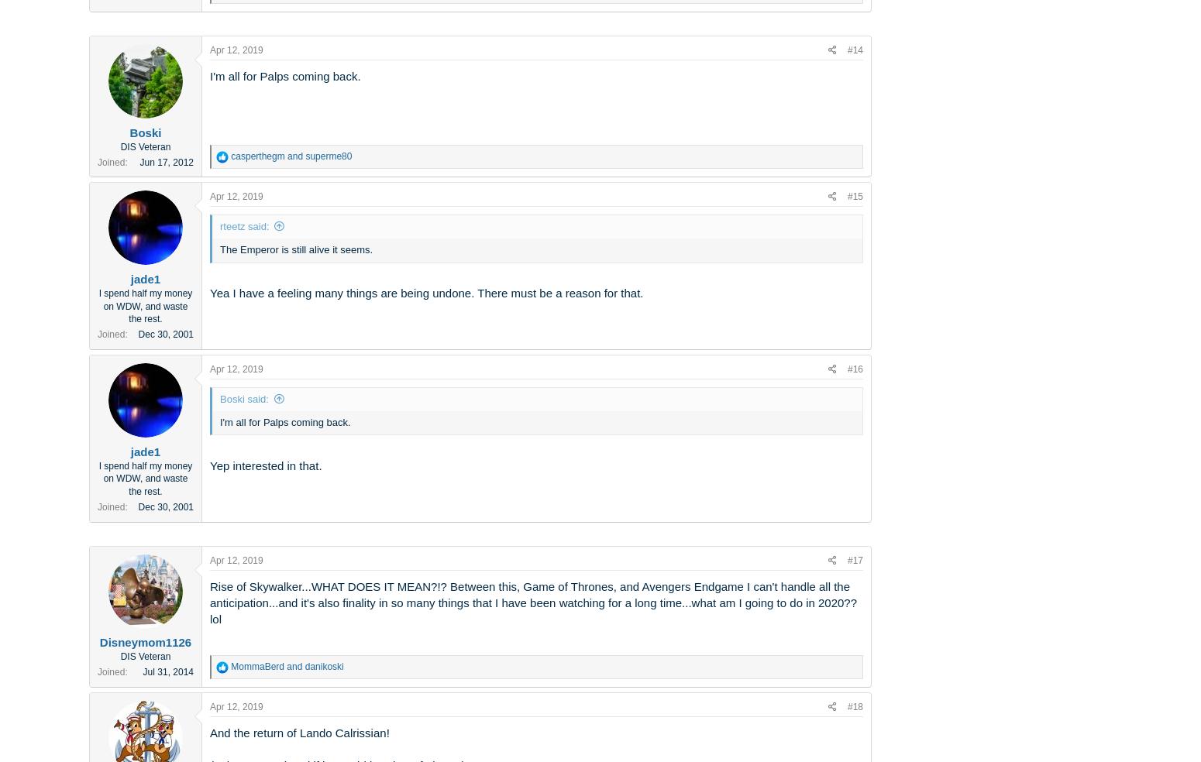 This screenshot has height=762, width=1201. What do you see at coordinates (846, 50) in the screenshot?
I see `'#14'` at bounding box center [846, 50].